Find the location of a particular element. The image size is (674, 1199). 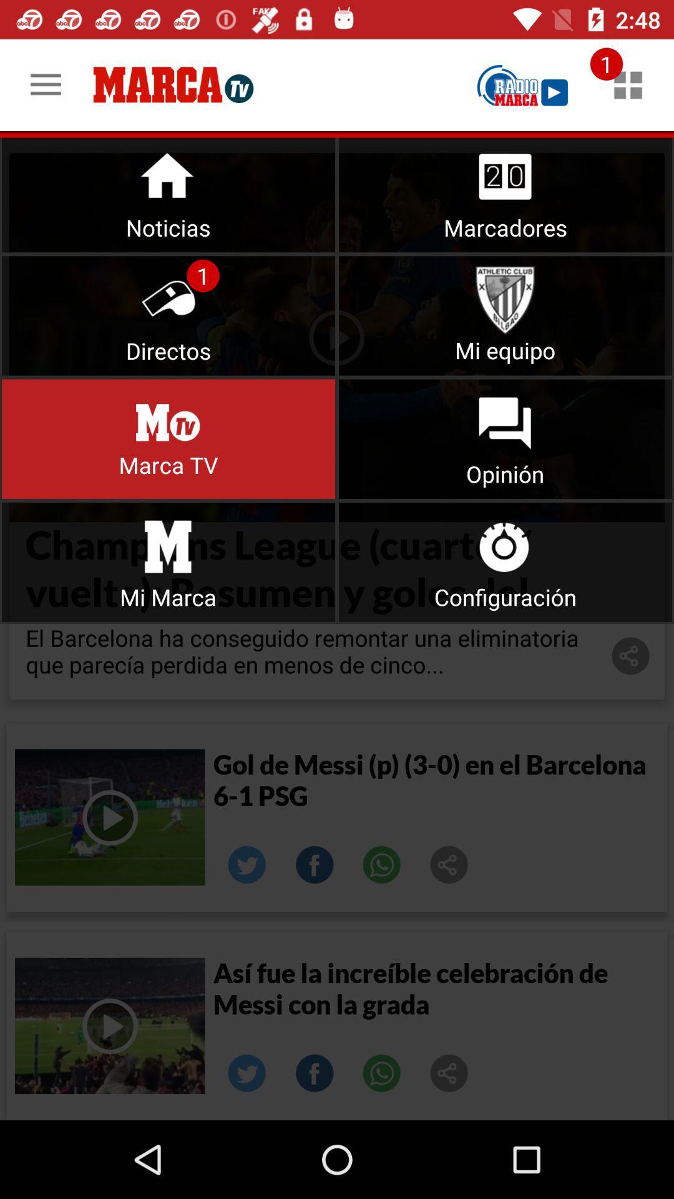

noticias is located at coordinates (168, 192).